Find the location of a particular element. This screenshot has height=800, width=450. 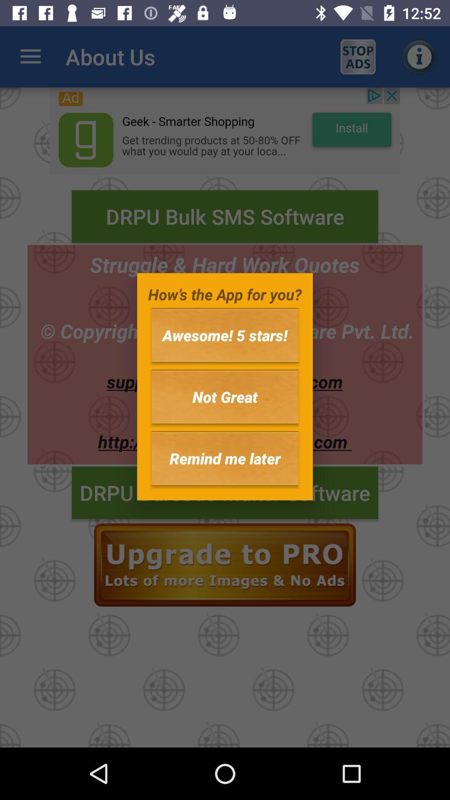

item above remind me later is located at coordinates (225, 396).